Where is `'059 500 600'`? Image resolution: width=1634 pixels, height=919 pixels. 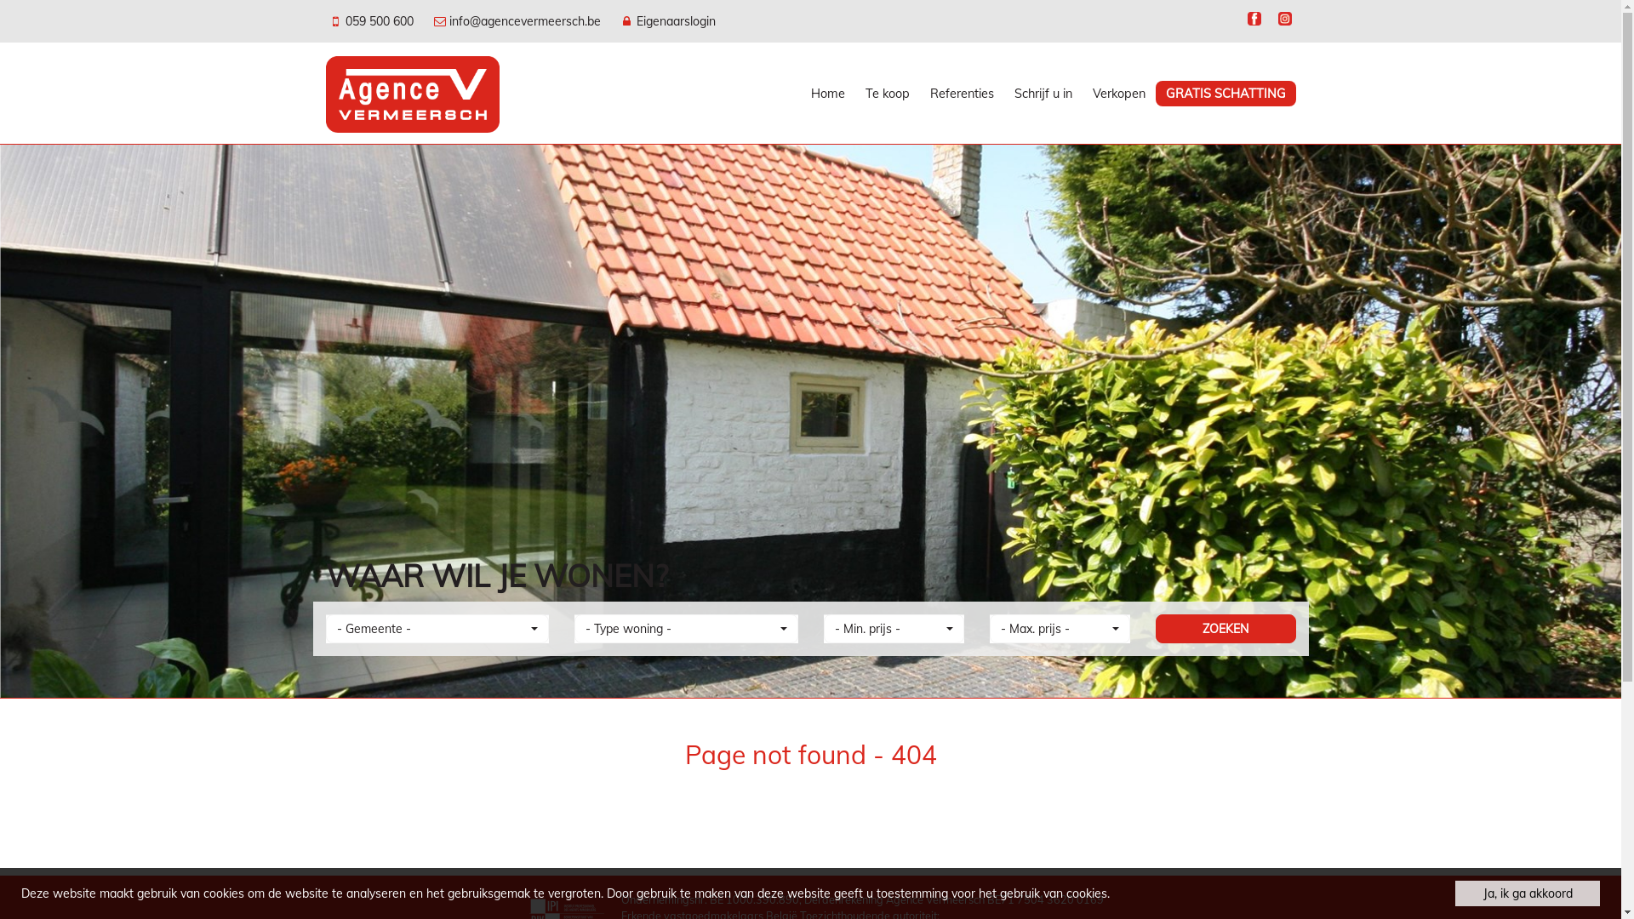
'059 500 600' is located at coordinates (371, 20).